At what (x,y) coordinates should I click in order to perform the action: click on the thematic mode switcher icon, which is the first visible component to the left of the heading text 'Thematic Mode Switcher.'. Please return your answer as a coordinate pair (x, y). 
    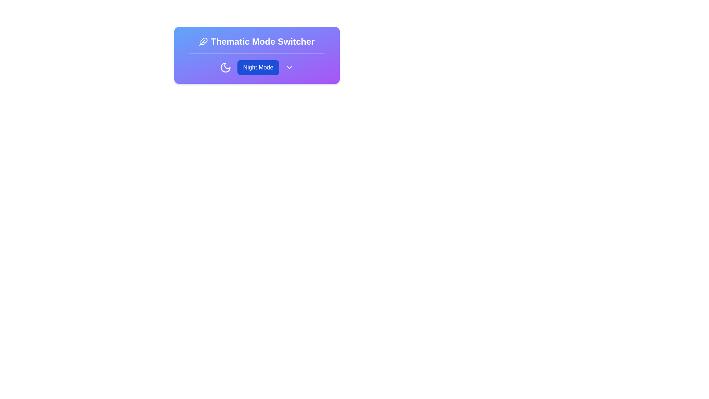
    Looking at the image, I should click on (203, 41).